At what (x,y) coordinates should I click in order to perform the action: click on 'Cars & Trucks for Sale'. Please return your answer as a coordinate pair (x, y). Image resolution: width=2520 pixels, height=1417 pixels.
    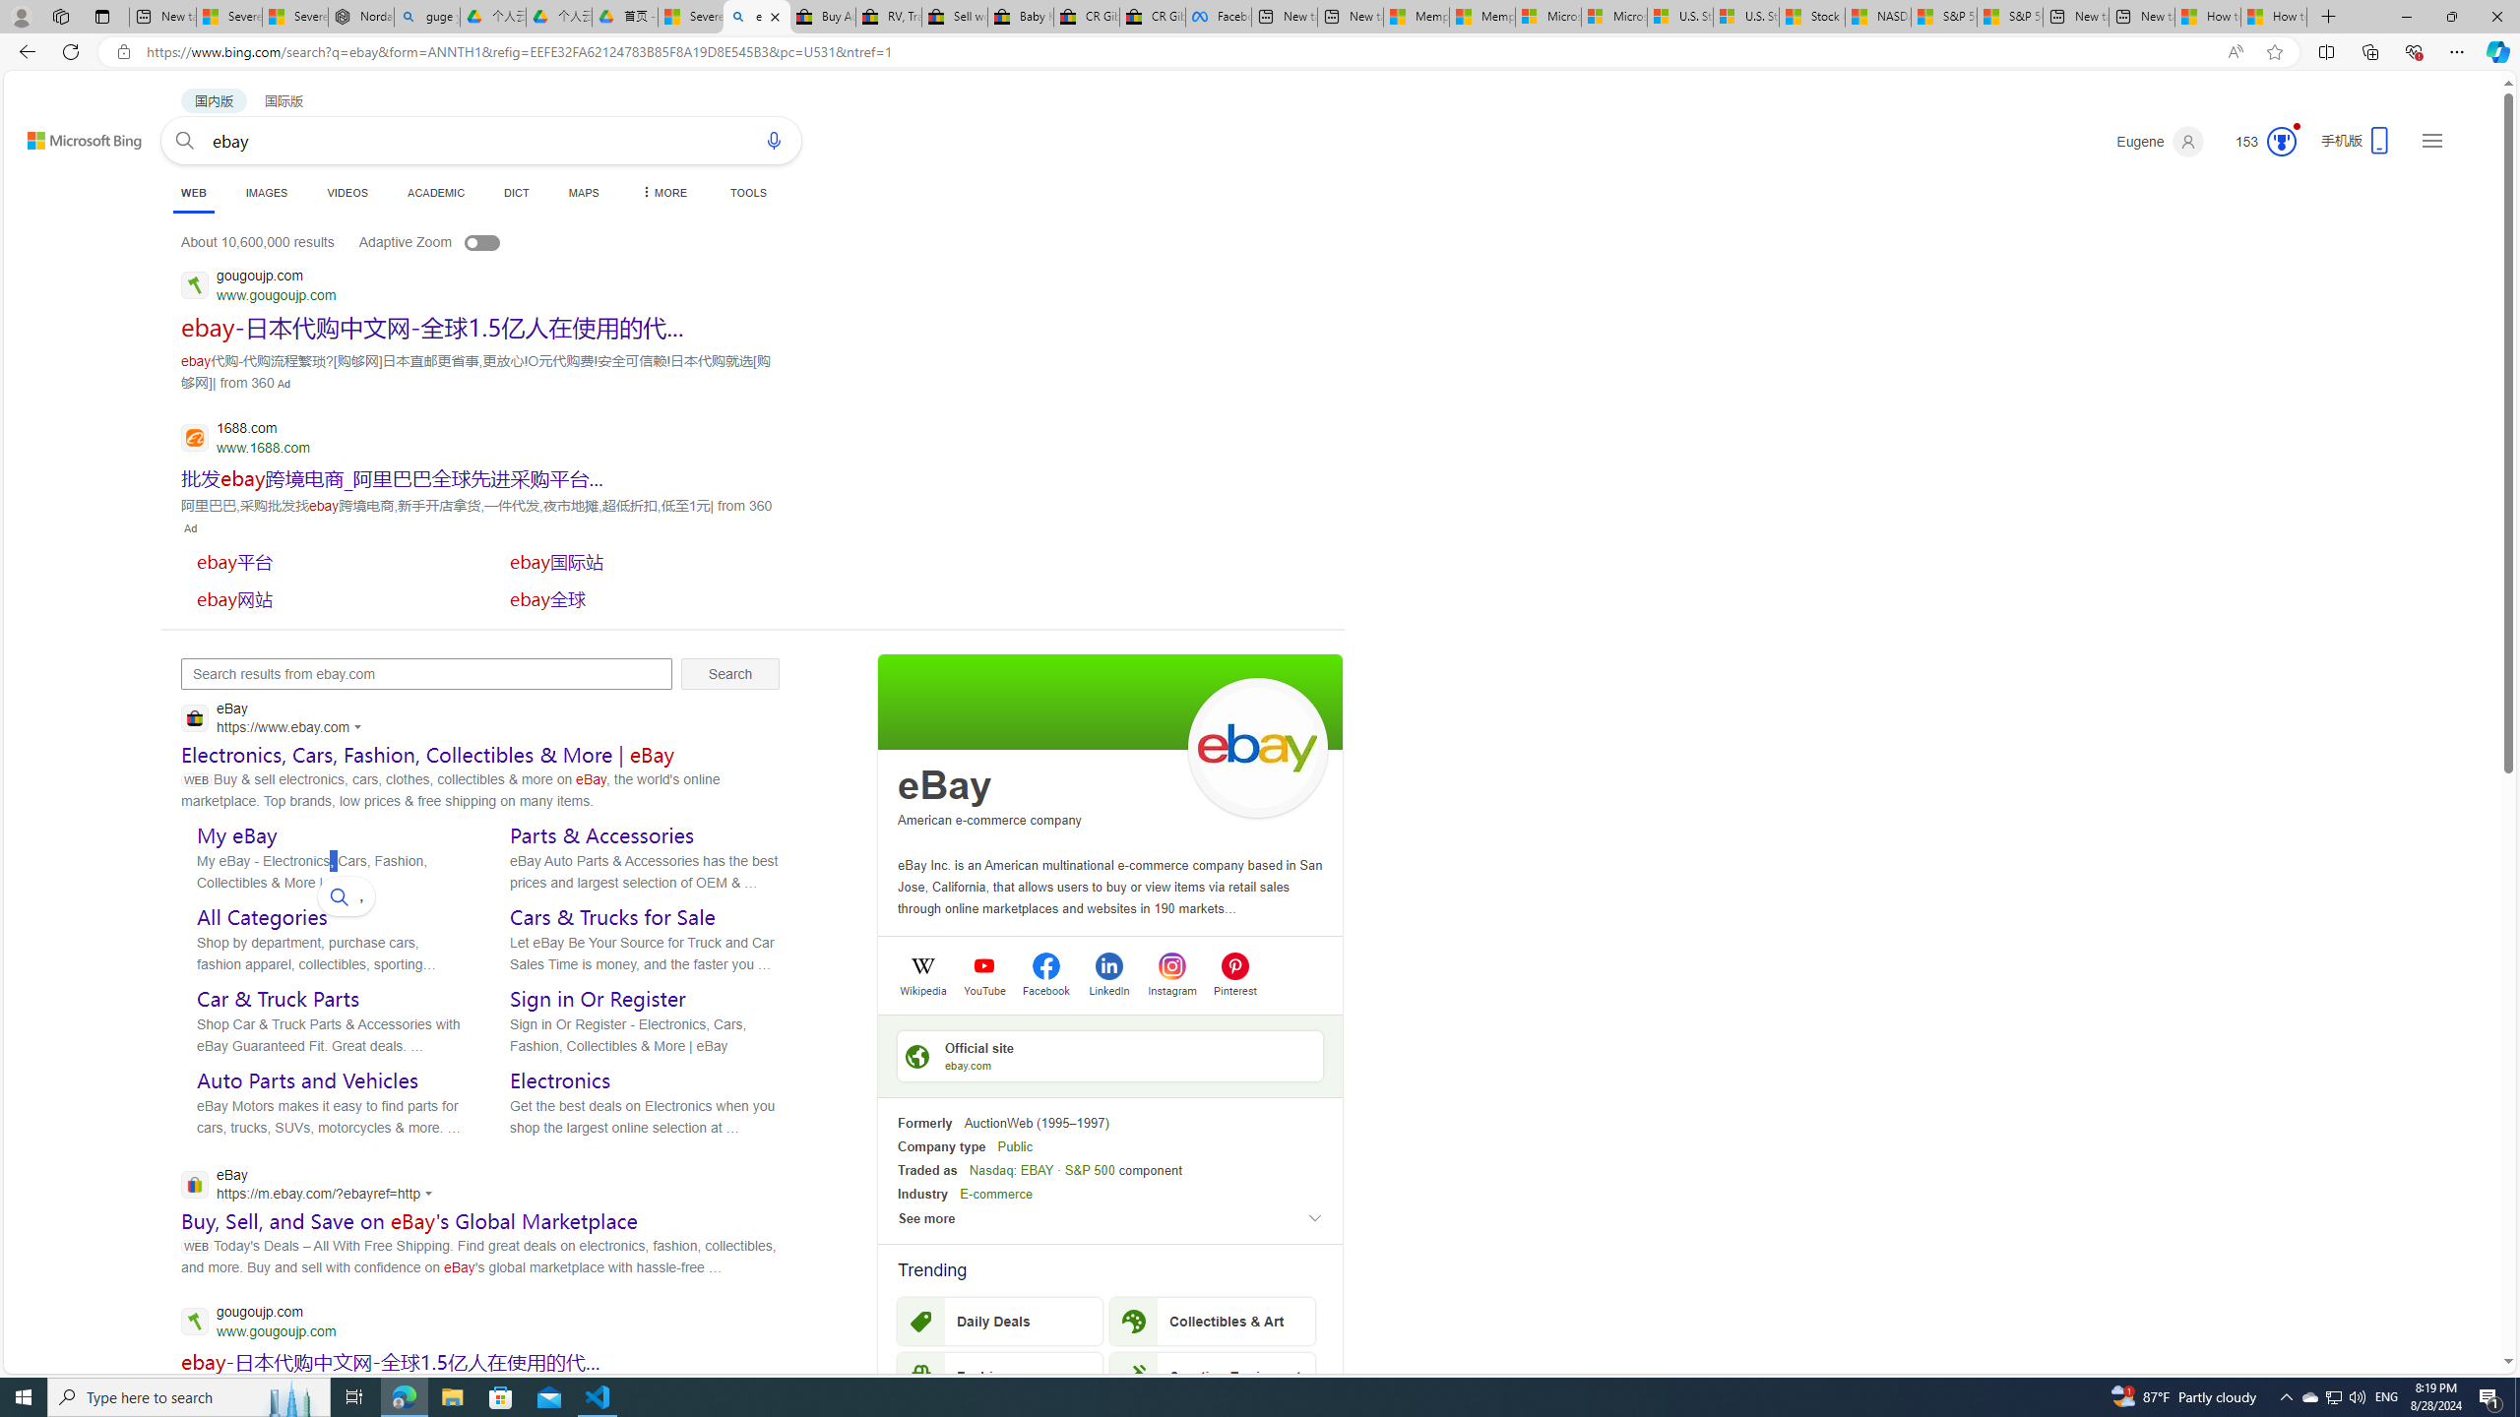
    Looking at the image, I should click on (611, 915).